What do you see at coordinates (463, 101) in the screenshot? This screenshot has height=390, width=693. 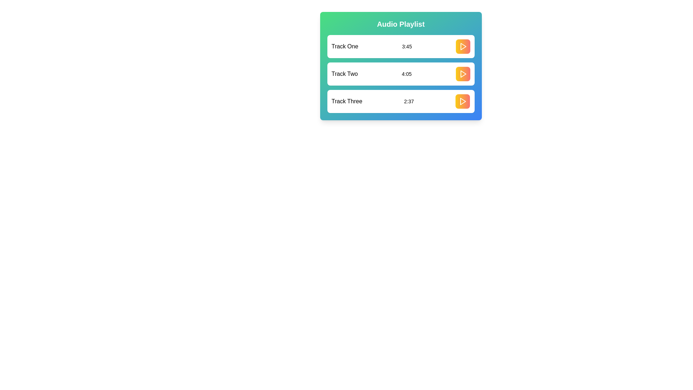 I see `the triangular play icon with a gradient orange fill located inside the circular button at the far right of the third row of the audio playlist interface` at bounding box center [463, 101].